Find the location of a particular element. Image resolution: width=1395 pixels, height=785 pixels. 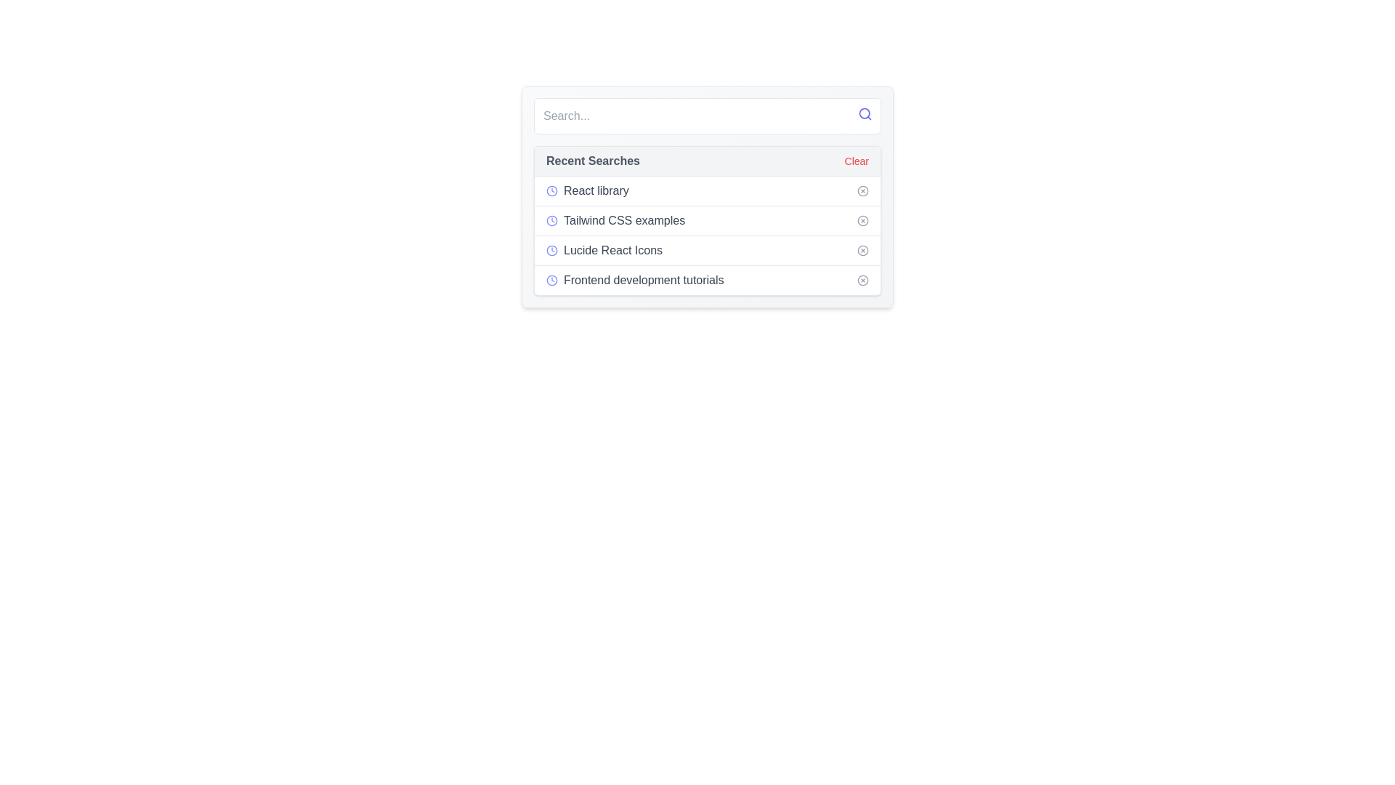

the text element displaying 'React library', which is gray in color and located next to a clock icon in the first row of the 'Recent Searches' list is located at coordinates (596, 190).